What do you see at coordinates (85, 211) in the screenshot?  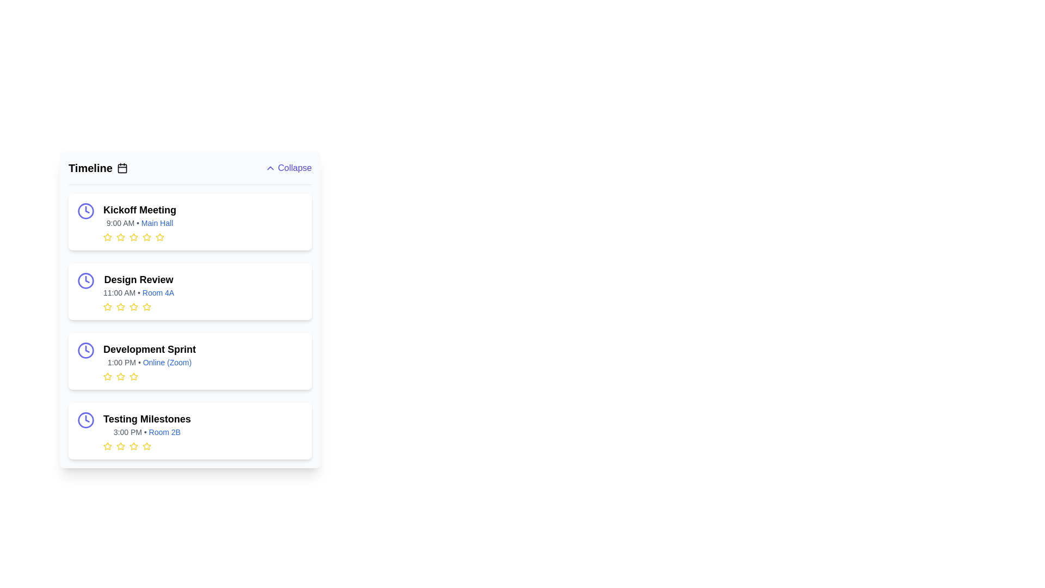 I see `the circle element of the clock icon located in the first list item 'Kickoff Meeting' in the timeline` at bounding box center [85, 211].